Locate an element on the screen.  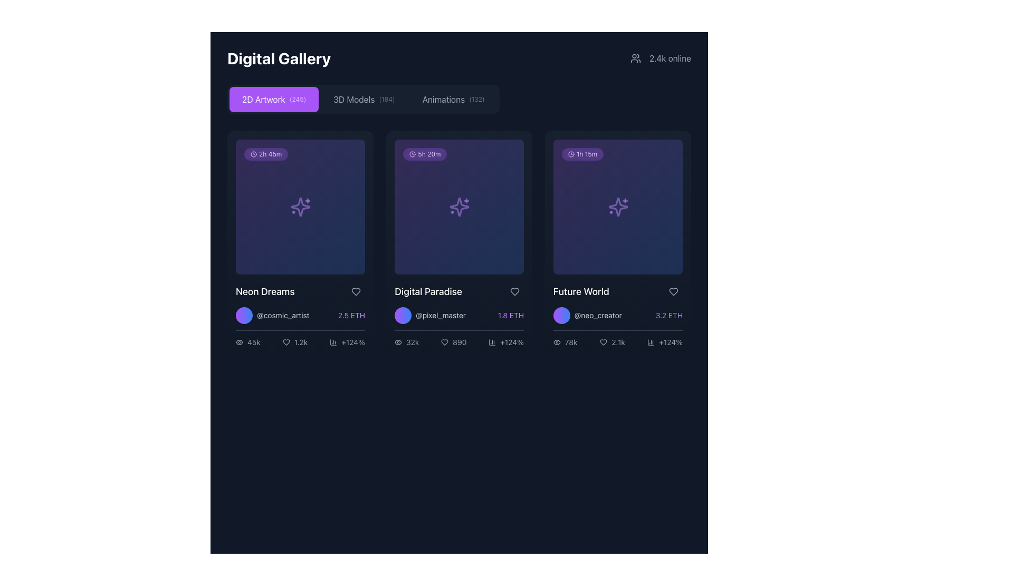
the eye-shaped icon followed by the text '78k' located at the bottom-left corner of the 'Future World' card, which indicates views or visibility counts is located at coordinates (565, 342).